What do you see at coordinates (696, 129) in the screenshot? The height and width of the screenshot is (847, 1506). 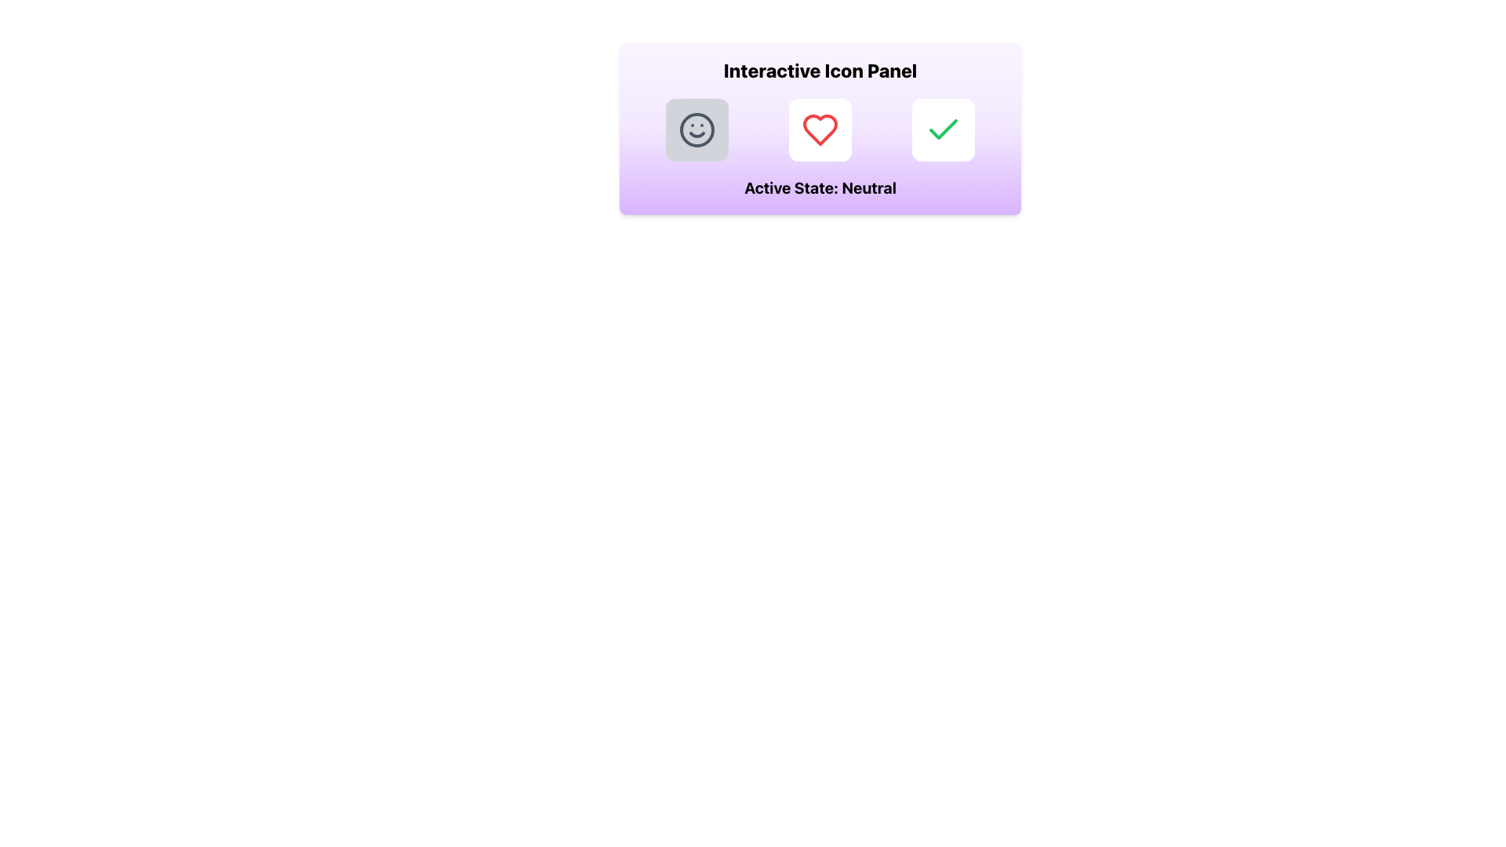 I see `the first button in the Interactive Icon Panel, which is a rounded rectangle with a soft gray background and a smiley face icon` at bounding box center [696, 129].